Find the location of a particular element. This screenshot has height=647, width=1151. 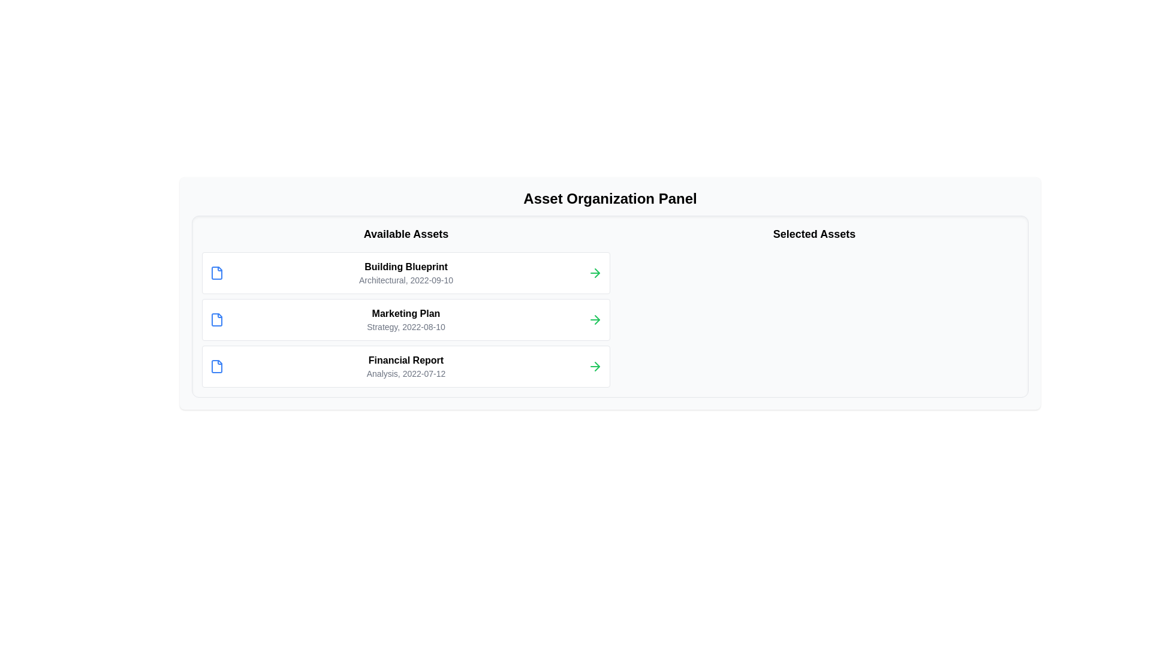

the action icon located in the middle row of the 'Available Assets' panel, which is aligned to the right of the 'Marketing Plan, Strategy, 2022-08-10' row is located at coordinates (597, 319).